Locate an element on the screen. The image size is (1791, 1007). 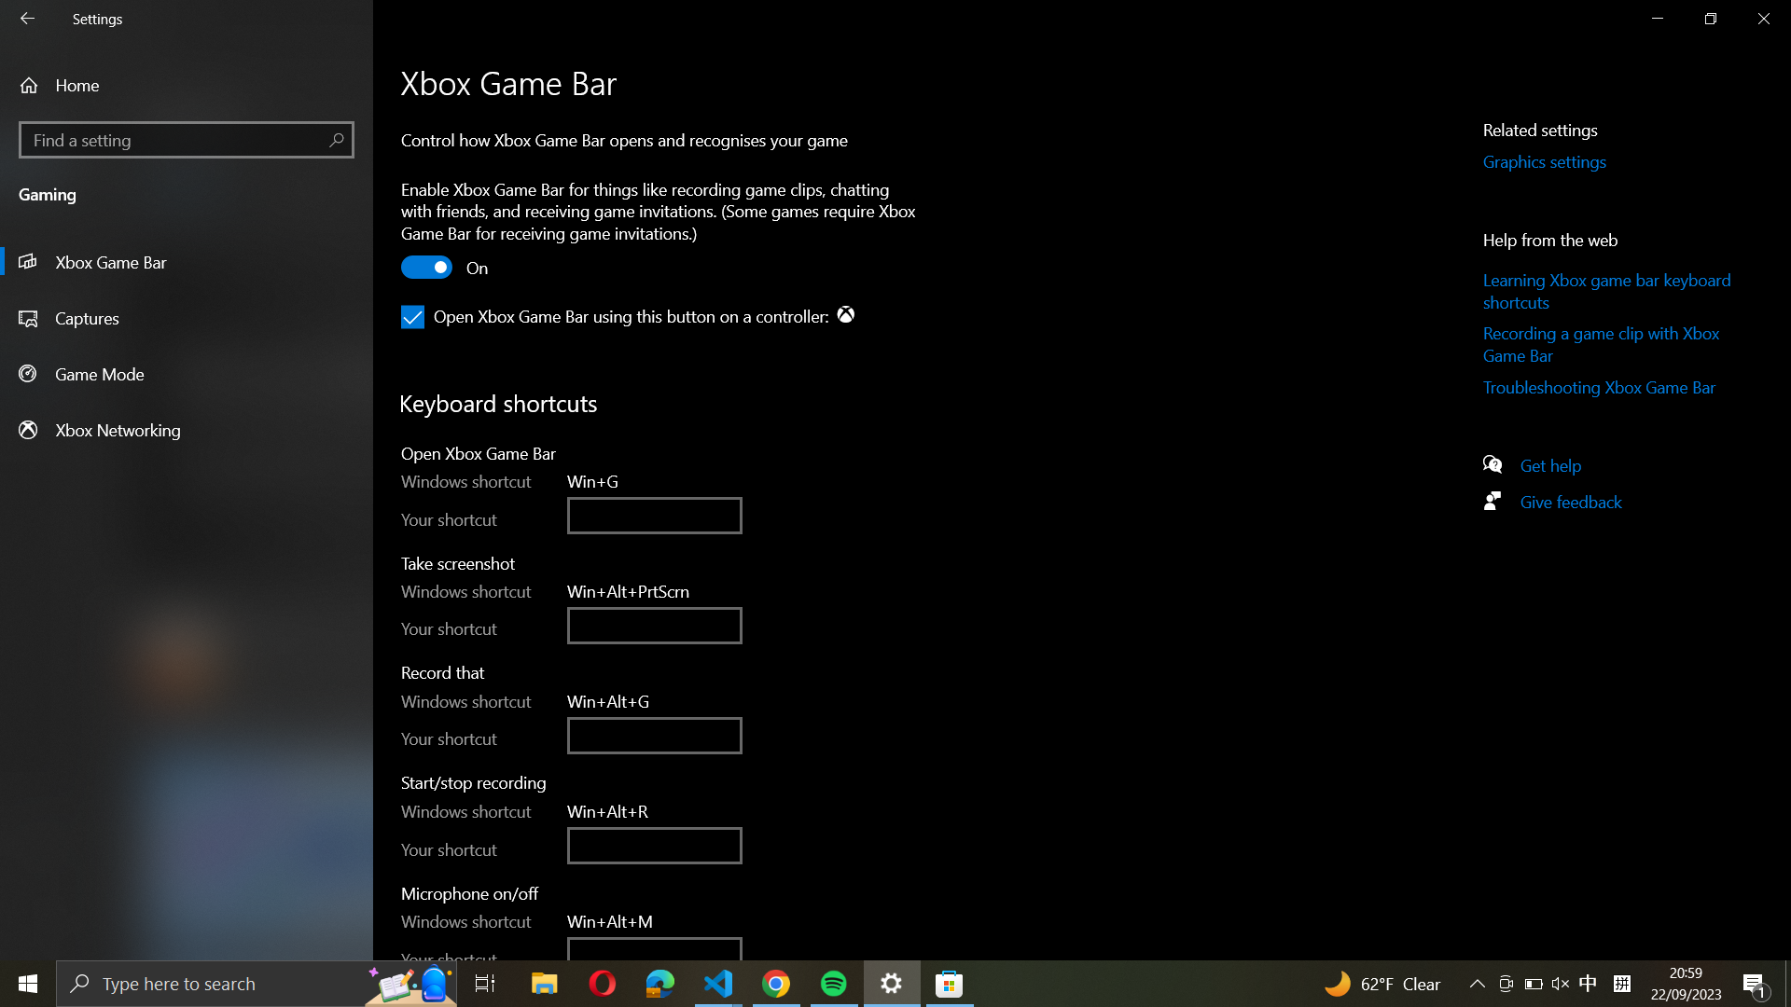
Activate the Xbox Networking settings by clicking on the designated area in the left side of the screen is located at coordinates (187, 429).